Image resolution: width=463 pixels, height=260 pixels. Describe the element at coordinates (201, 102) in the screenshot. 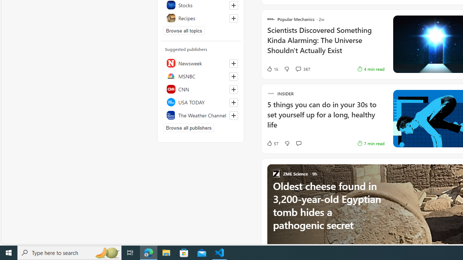

I see `'USA TODAY'` at that location.